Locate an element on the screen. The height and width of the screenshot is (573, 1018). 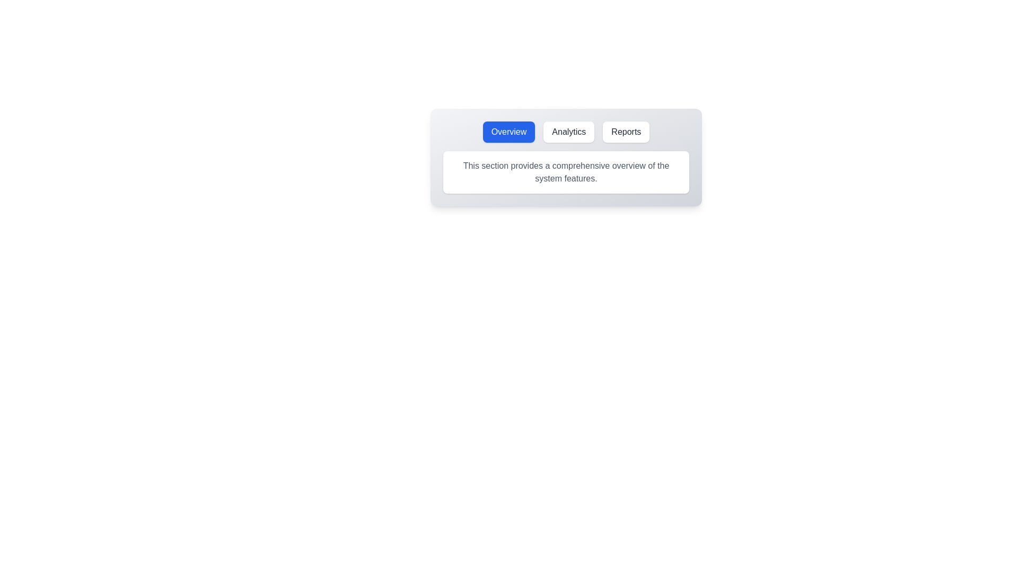
the tab labeled Reports to observe its hover effect is located at coordinates (626, 132).